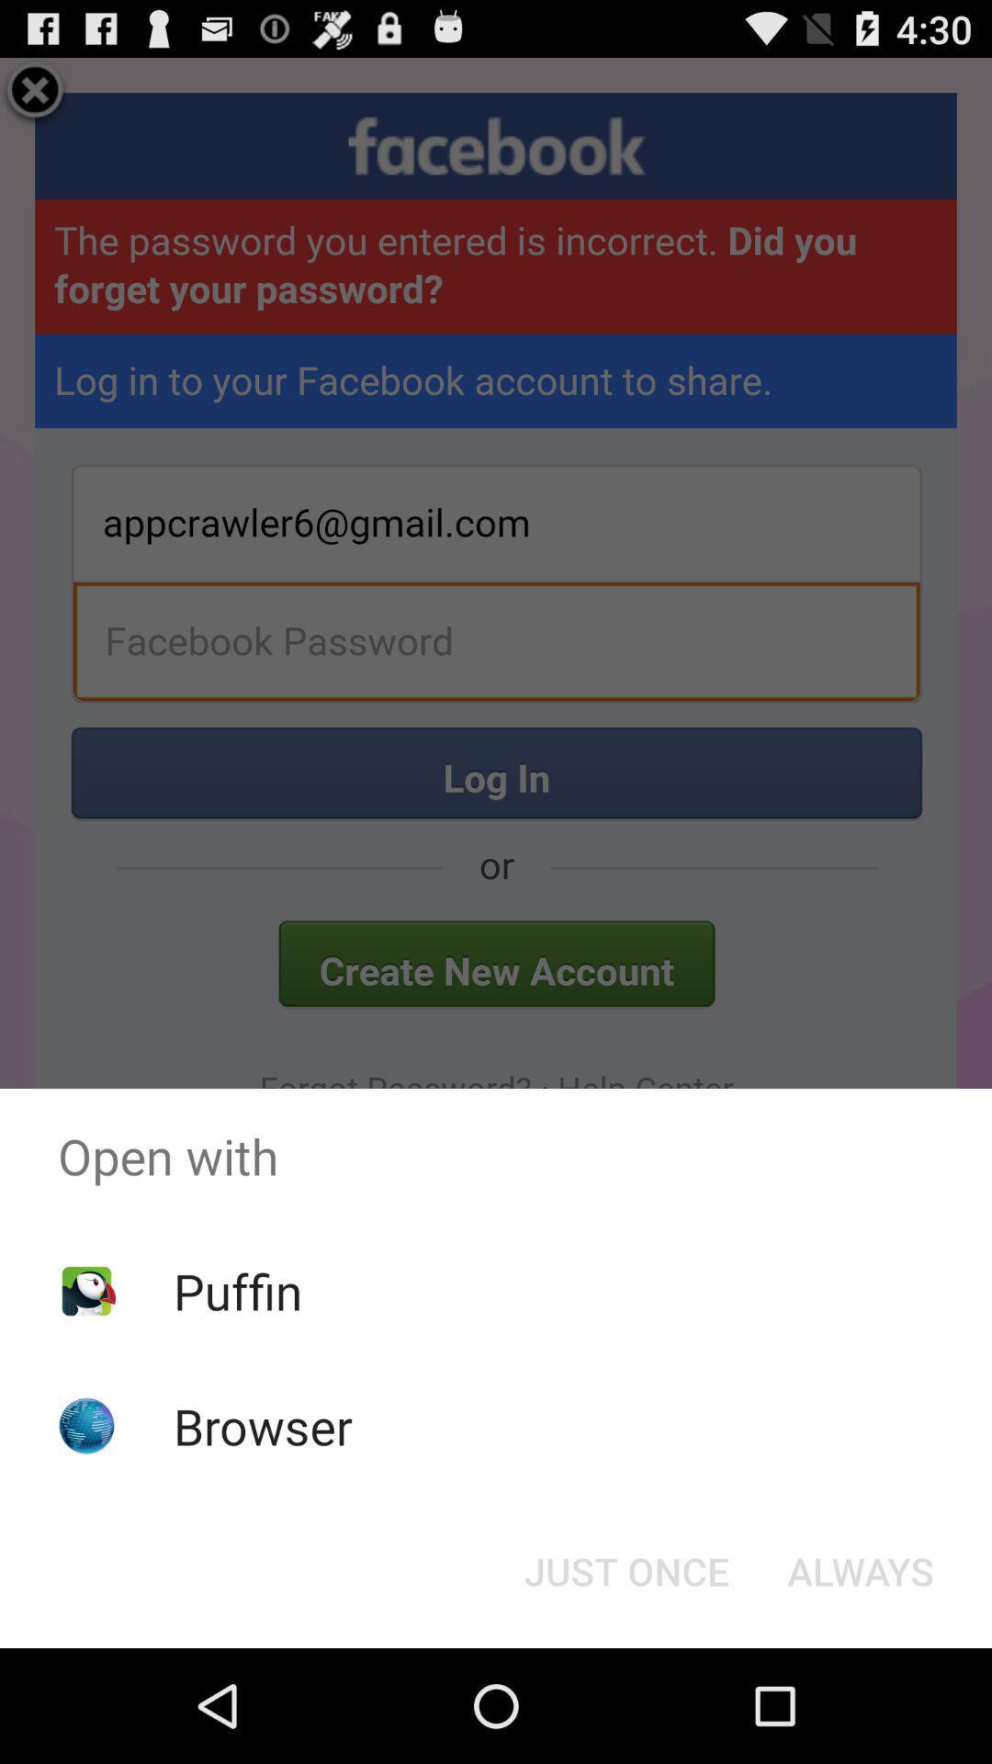 The height and width of the screenshot is (1764, 992). What do you see at coordinates (861, 1569) in the screenshot?
I see `button at the bottom right corner` at bounding box center [861, 1569].